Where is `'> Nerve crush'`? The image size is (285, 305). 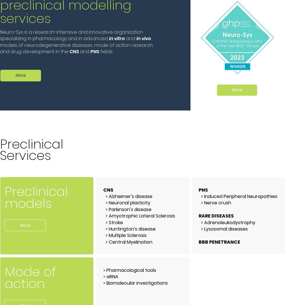
'> Nerve crush' is located at coordinates (198, 203).